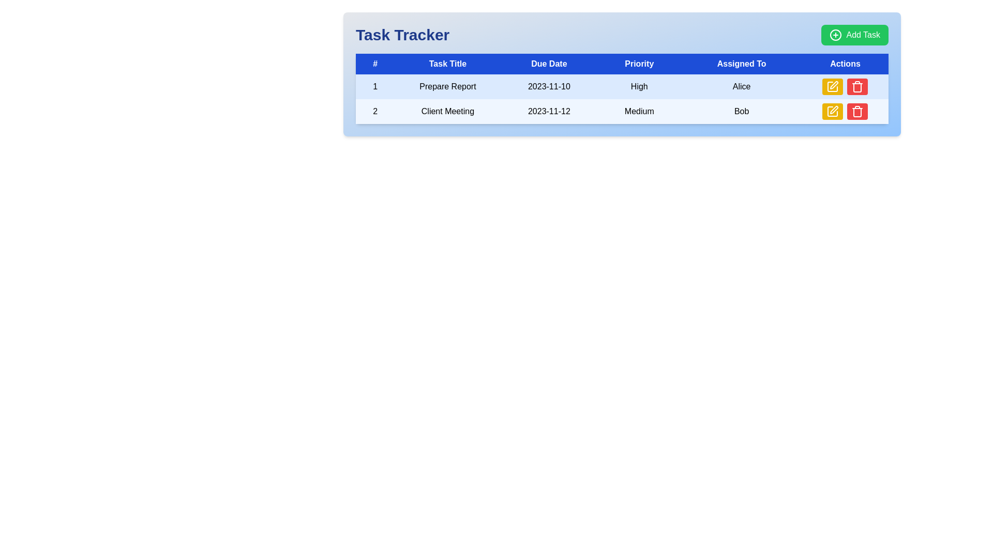 This screenshot has width=993, height=558. Describe the element at coordinates (741, 112) in the screenshot. I see `the Text label indicating the assignee's name in the second row of the table under the 'Assigned To' column, aligned with the 'Medium' priority level and 'Client Meeting' task title` at that location.